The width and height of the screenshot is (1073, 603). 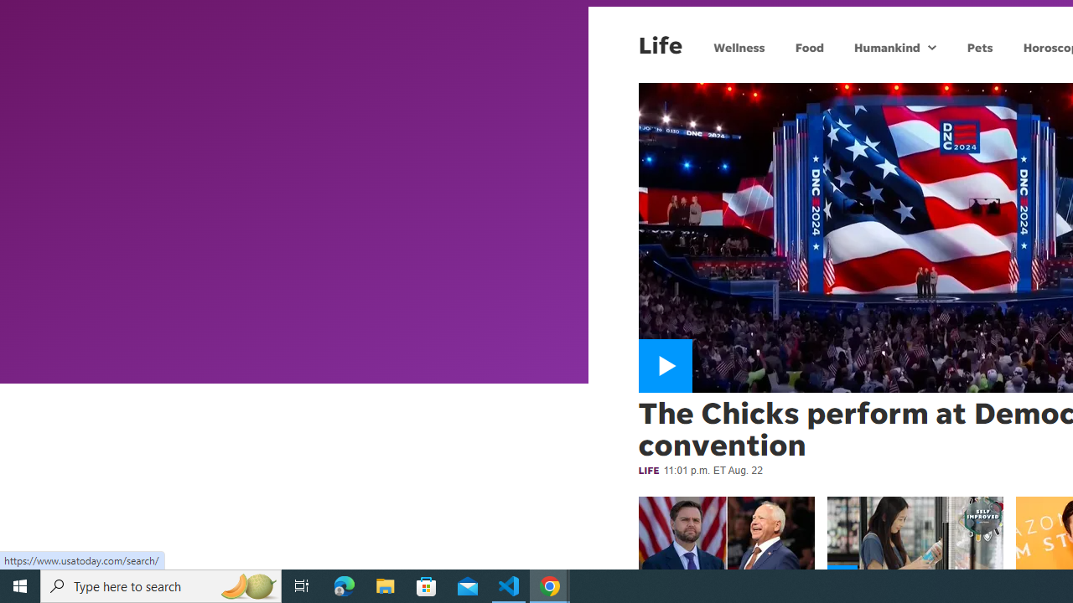 I want to click on 'Humankind', so click(x=884, y=46).